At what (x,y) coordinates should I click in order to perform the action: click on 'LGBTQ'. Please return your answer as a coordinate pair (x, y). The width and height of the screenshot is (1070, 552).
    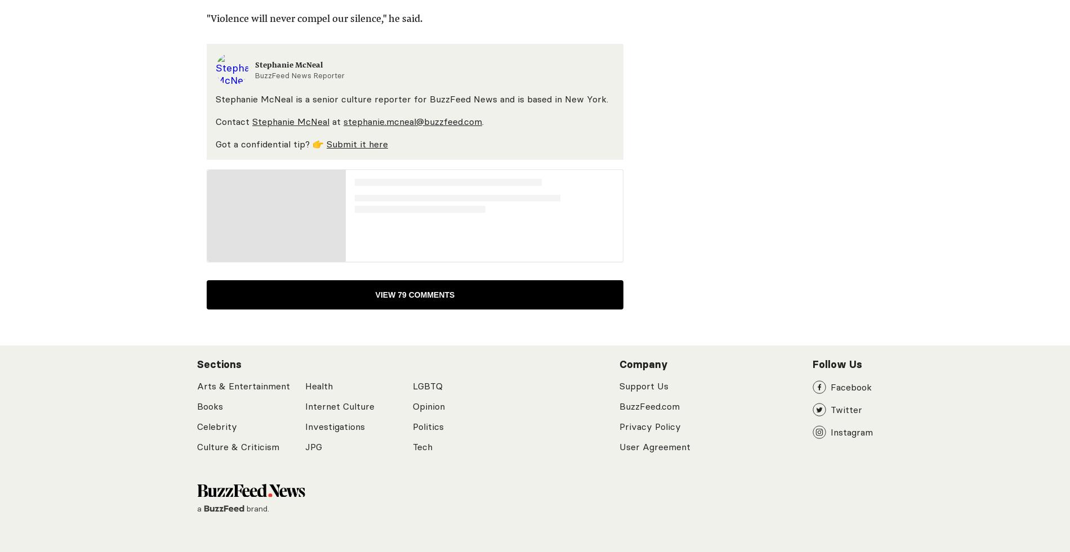
    Looking at the image, I should click on (427, 385).